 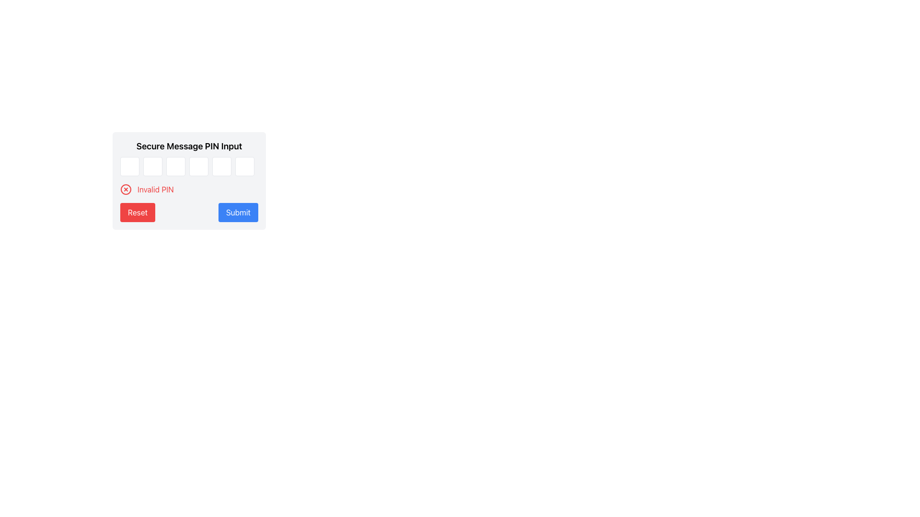 I want to click on inside the second input field of the horizontally aligned group of six fields to focus on it, so click(x=152, y=166).